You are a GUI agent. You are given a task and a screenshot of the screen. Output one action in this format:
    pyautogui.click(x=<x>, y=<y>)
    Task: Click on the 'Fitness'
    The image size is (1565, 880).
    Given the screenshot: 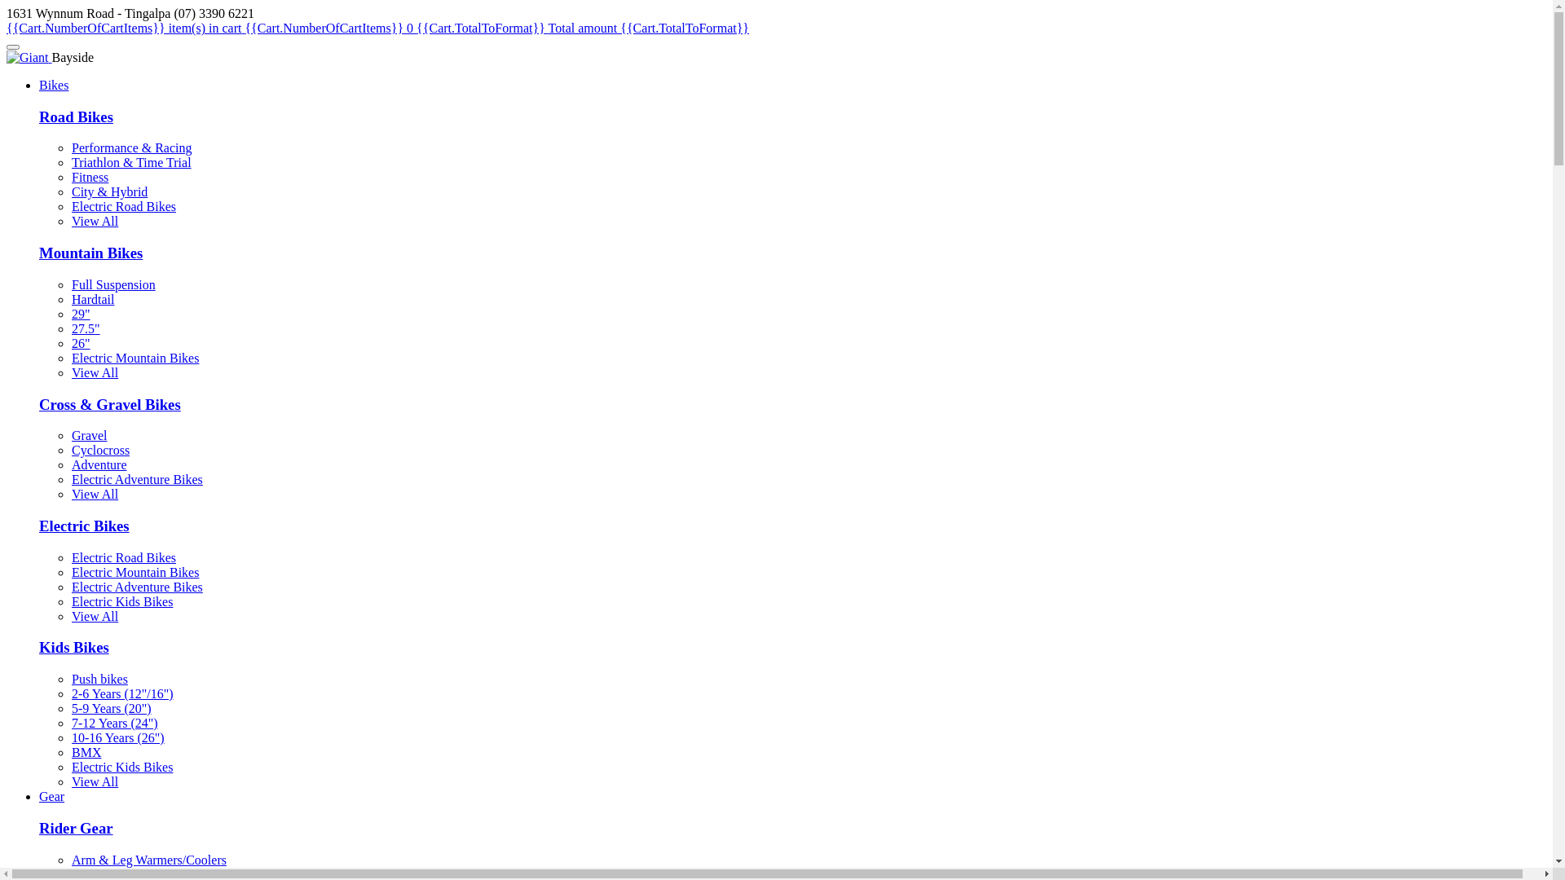 What is the action you would take?
    pyautogui.click(x=70, y=177)
    